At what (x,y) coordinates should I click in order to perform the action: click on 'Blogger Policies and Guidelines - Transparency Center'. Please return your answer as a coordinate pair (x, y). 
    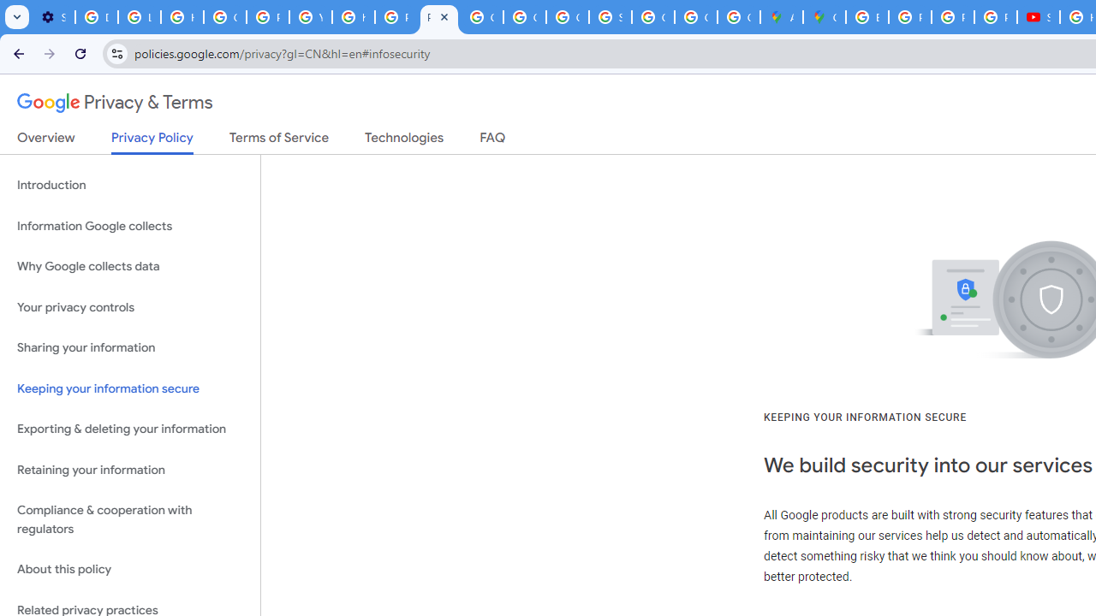
    Looking at the image, I should click on (867, 17).